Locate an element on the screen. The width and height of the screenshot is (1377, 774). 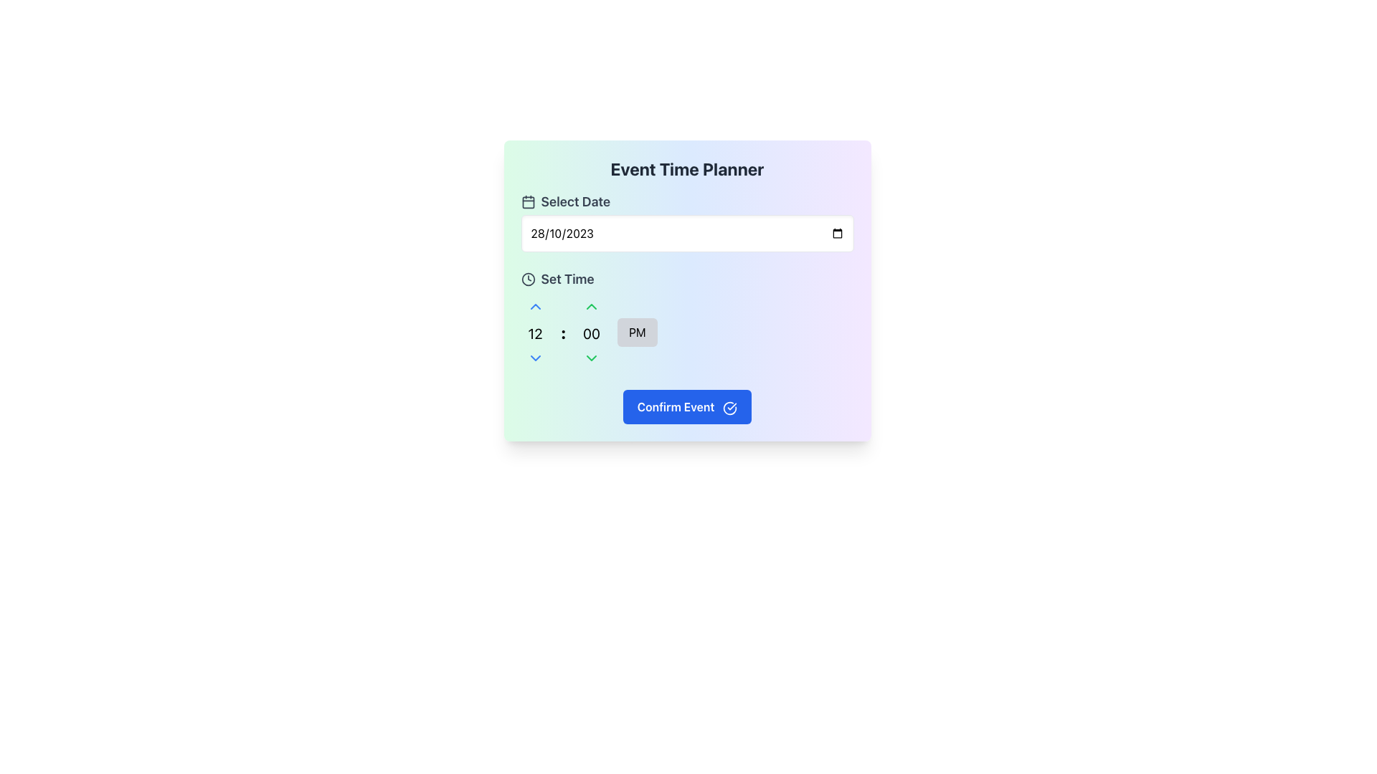
the affirmative icon located on the right side of the 'Confirm Event' button at the bottom of the modal is located at coordinates (730, 408).